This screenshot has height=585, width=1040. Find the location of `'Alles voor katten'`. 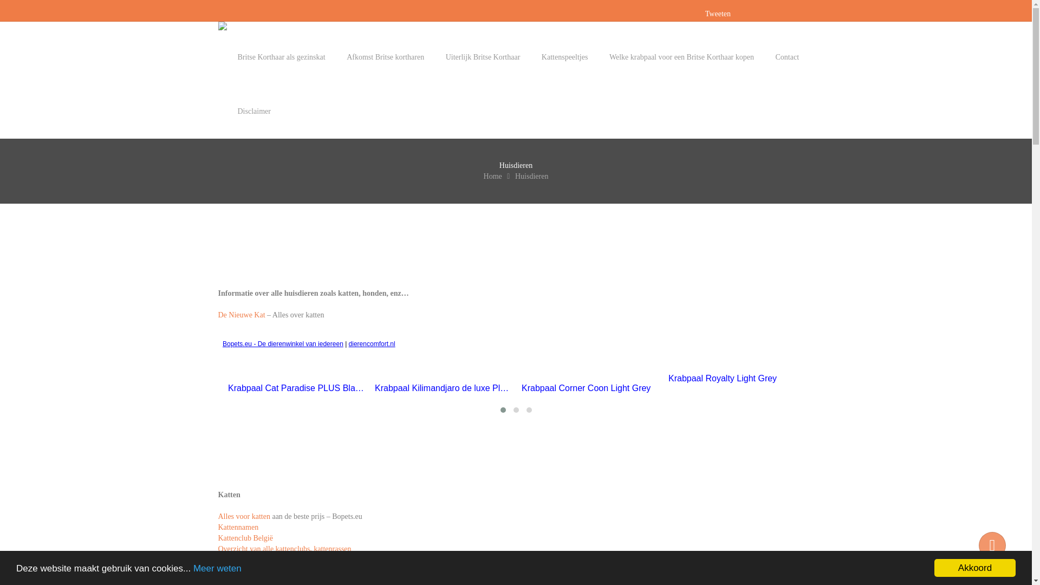

'Alles voor katten' is located at coordinates (243, 516).